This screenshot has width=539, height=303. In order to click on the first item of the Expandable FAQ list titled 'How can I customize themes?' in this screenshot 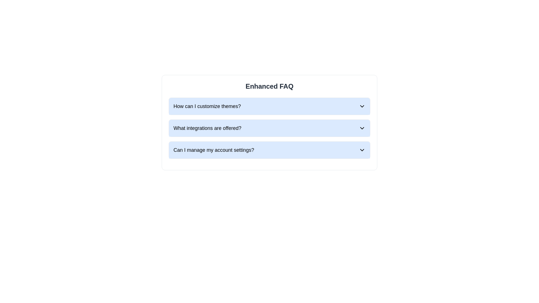, I will do `click(269, 106)`.